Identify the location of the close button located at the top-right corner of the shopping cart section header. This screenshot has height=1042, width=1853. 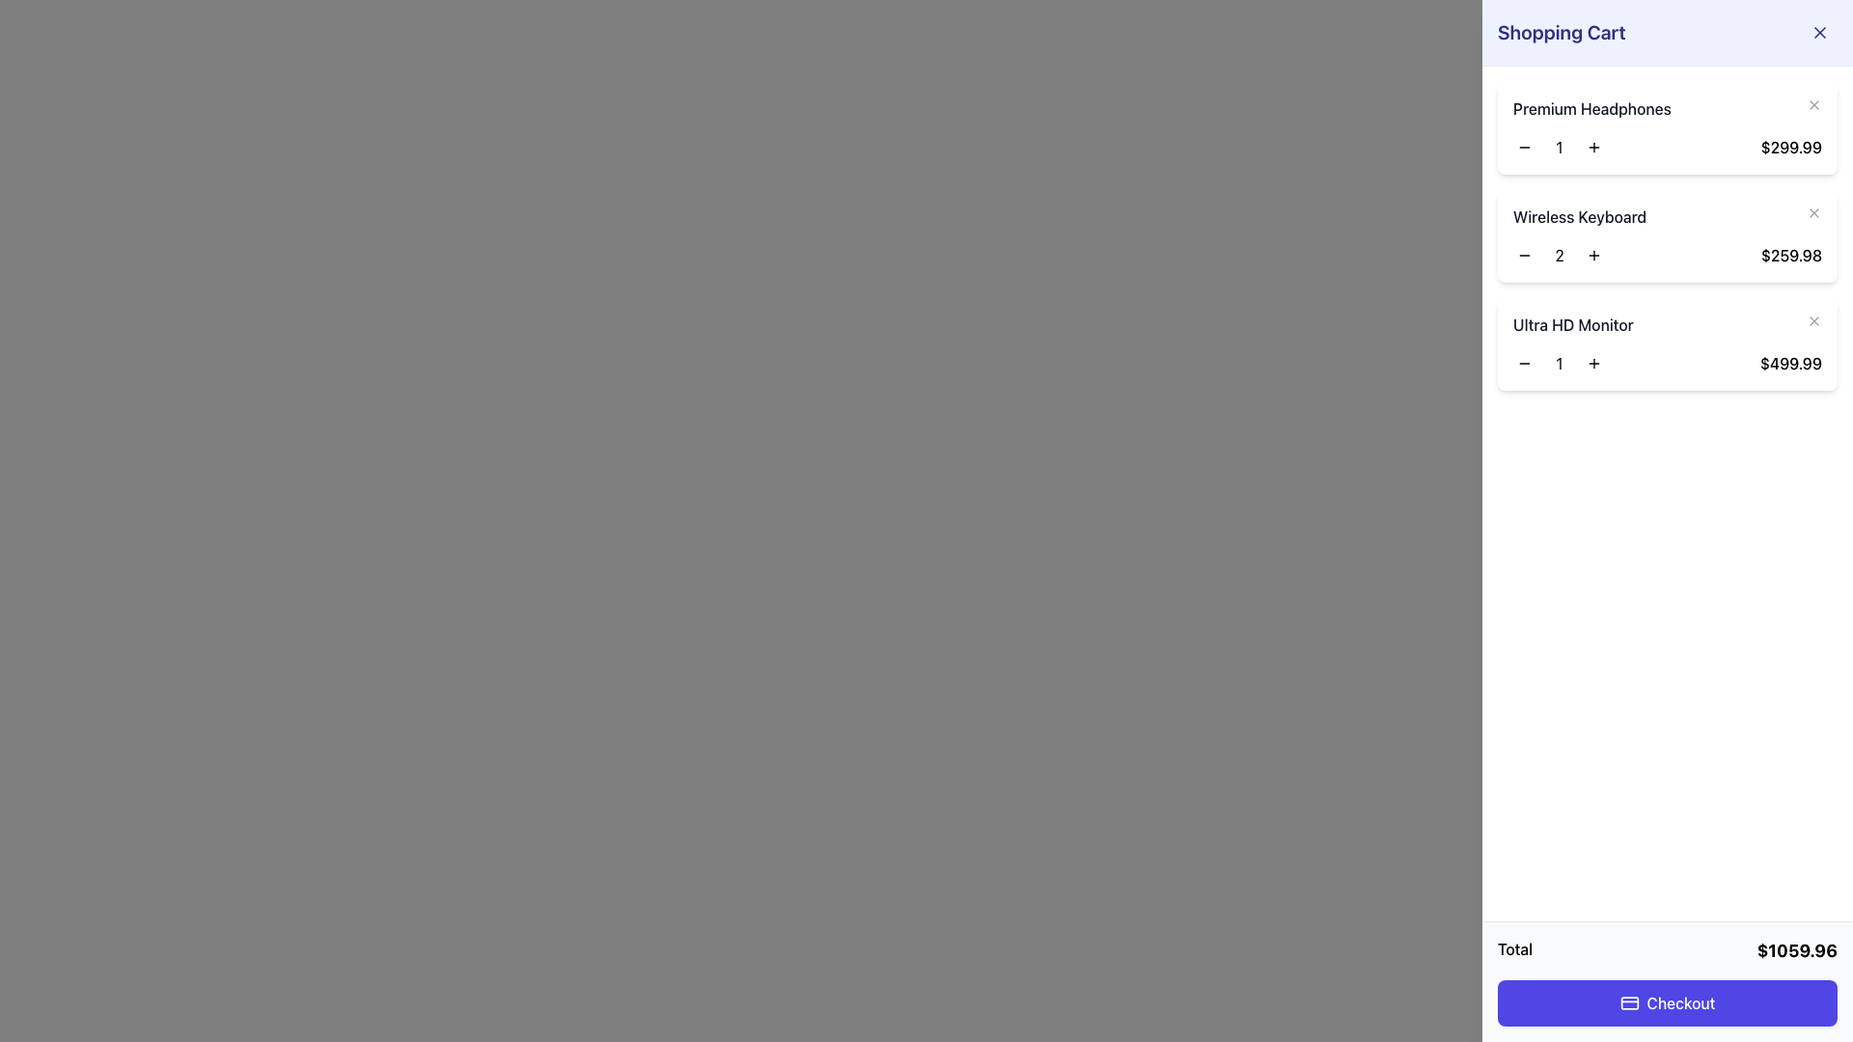
(1819, 33).